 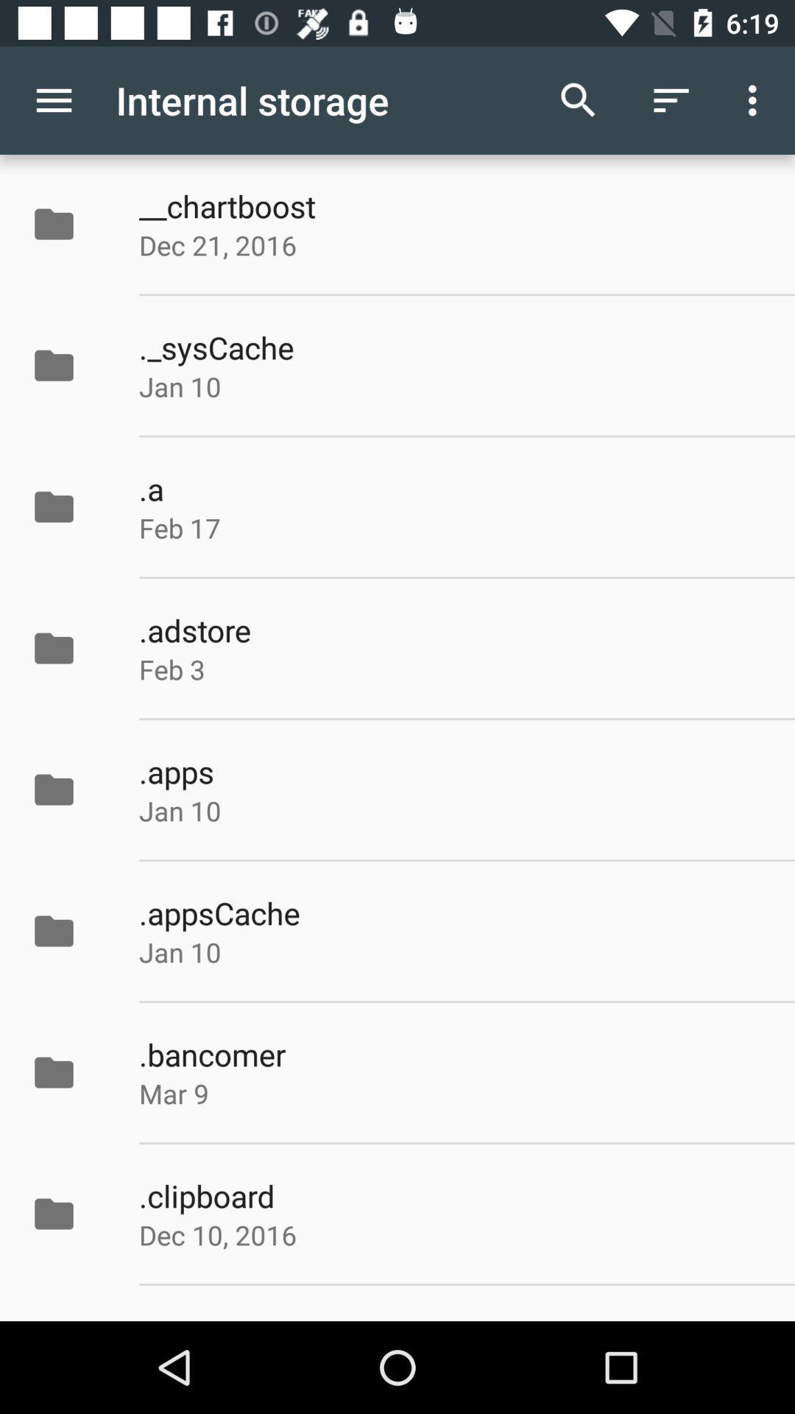 What do you see at coordinates (69, 507) in the screenshot?
I see `icon left to the text feb 17` at bounding box center [69, 507].